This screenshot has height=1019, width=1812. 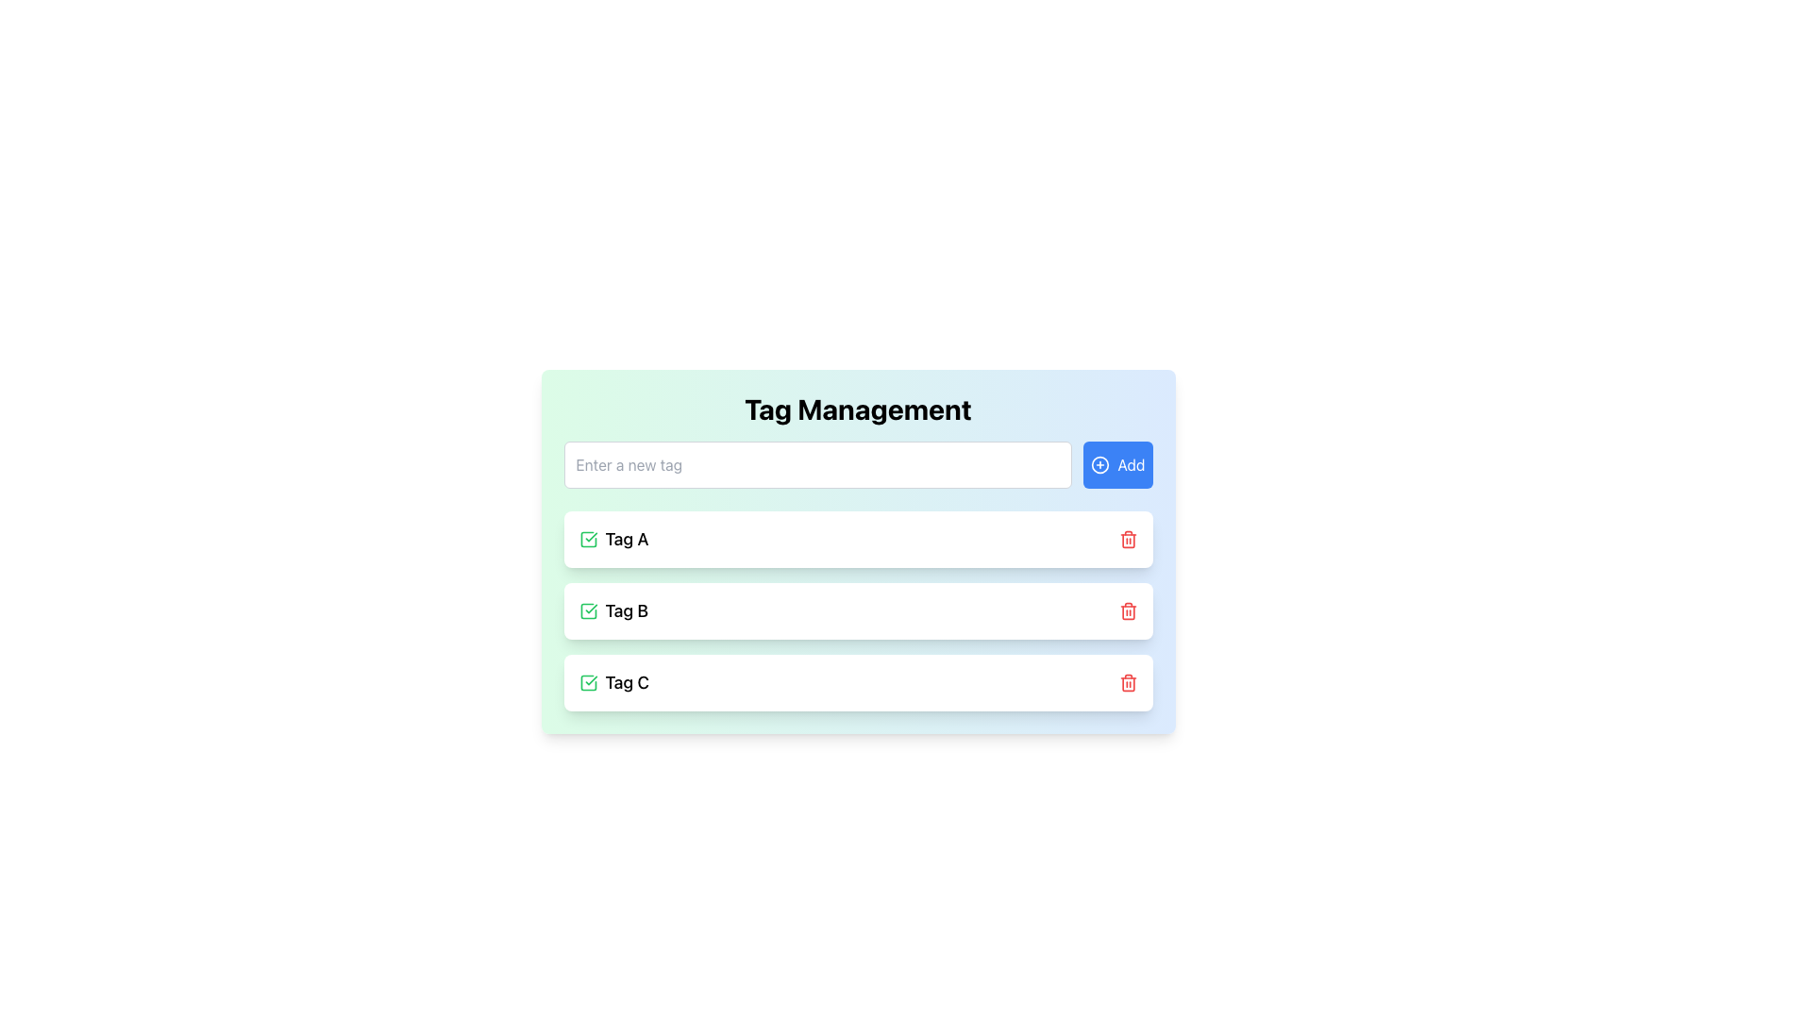 I want to click on the large, bold title text labeled 'Tag Management' at the top of the card component, so click(x=857, y=409).